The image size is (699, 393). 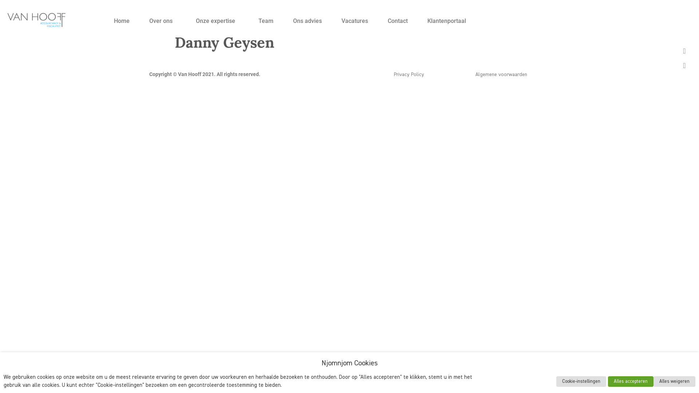 I want to click on 'Ons advies', so click(x=307, y=20).